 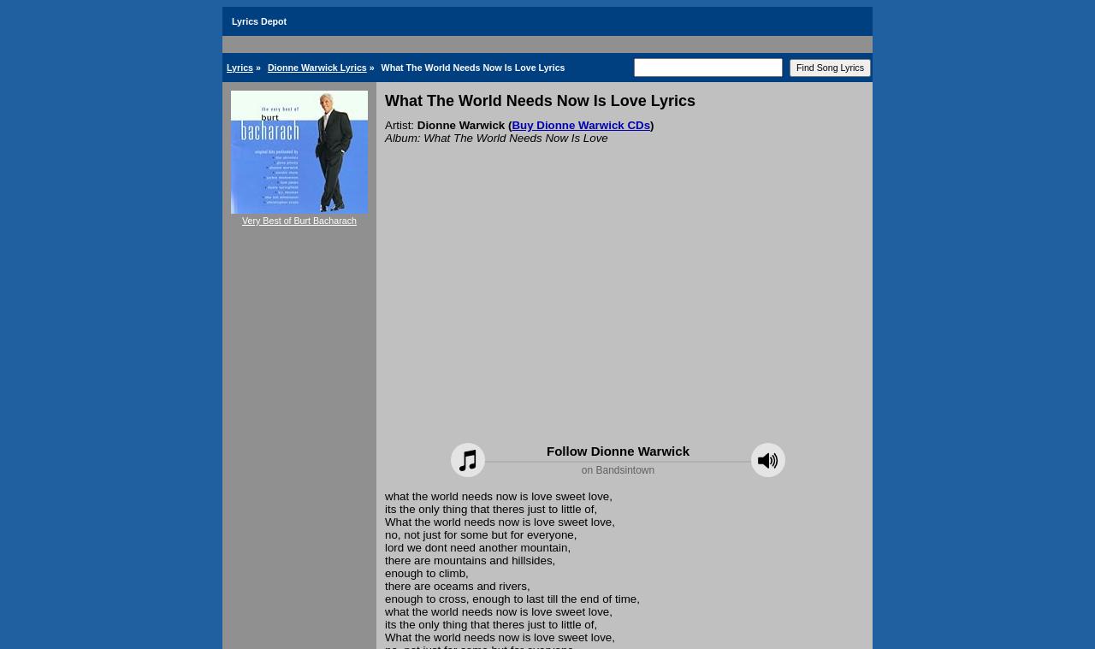 I want to click on 'no, not just for some but for everyone,', so click(x=384, y=534).